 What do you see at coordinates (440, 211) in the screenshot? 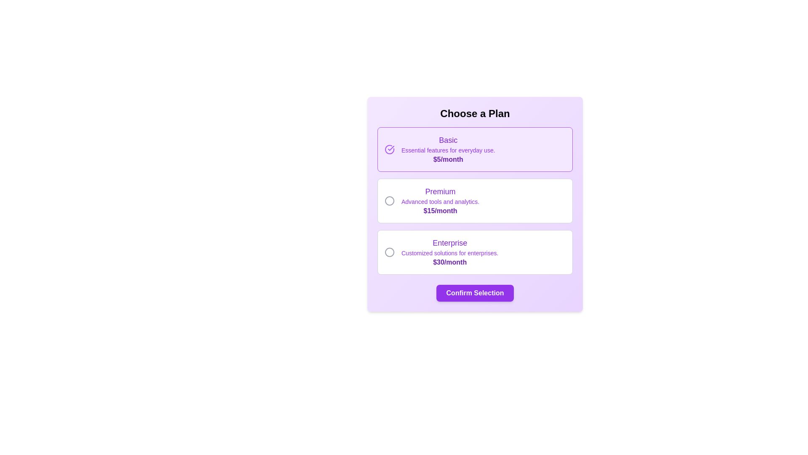
I see `text label displaying the price '$15/month' which is bold, medium-sized, and purple, located between the text 'Advanced tools and analytics.' and the 'Premium' subscription radio button` at bounding box center [440, 211].